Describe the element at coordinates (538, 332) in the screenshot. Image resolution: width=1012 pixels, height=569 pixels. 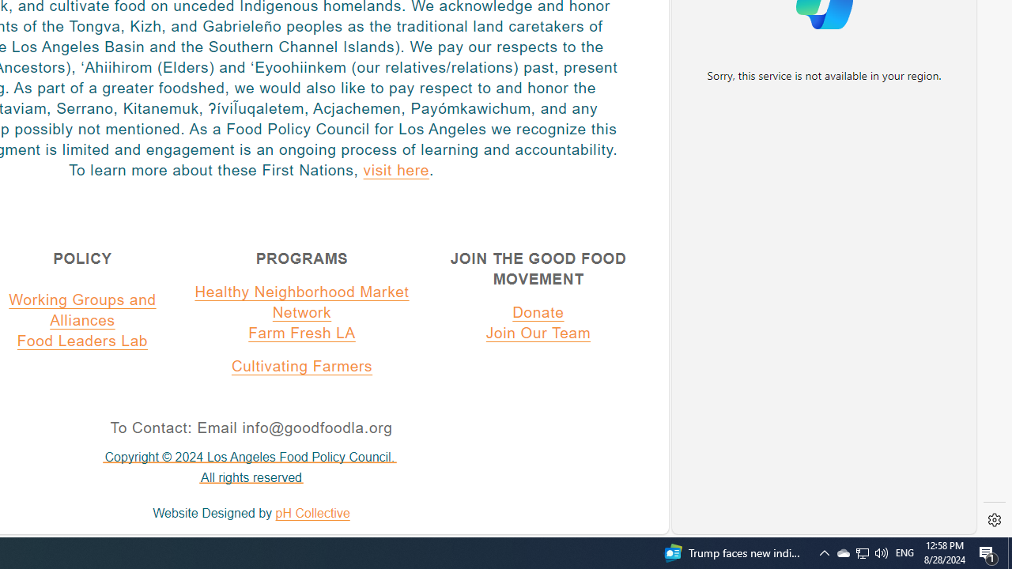
I see `'Join Our Team'` at that location.